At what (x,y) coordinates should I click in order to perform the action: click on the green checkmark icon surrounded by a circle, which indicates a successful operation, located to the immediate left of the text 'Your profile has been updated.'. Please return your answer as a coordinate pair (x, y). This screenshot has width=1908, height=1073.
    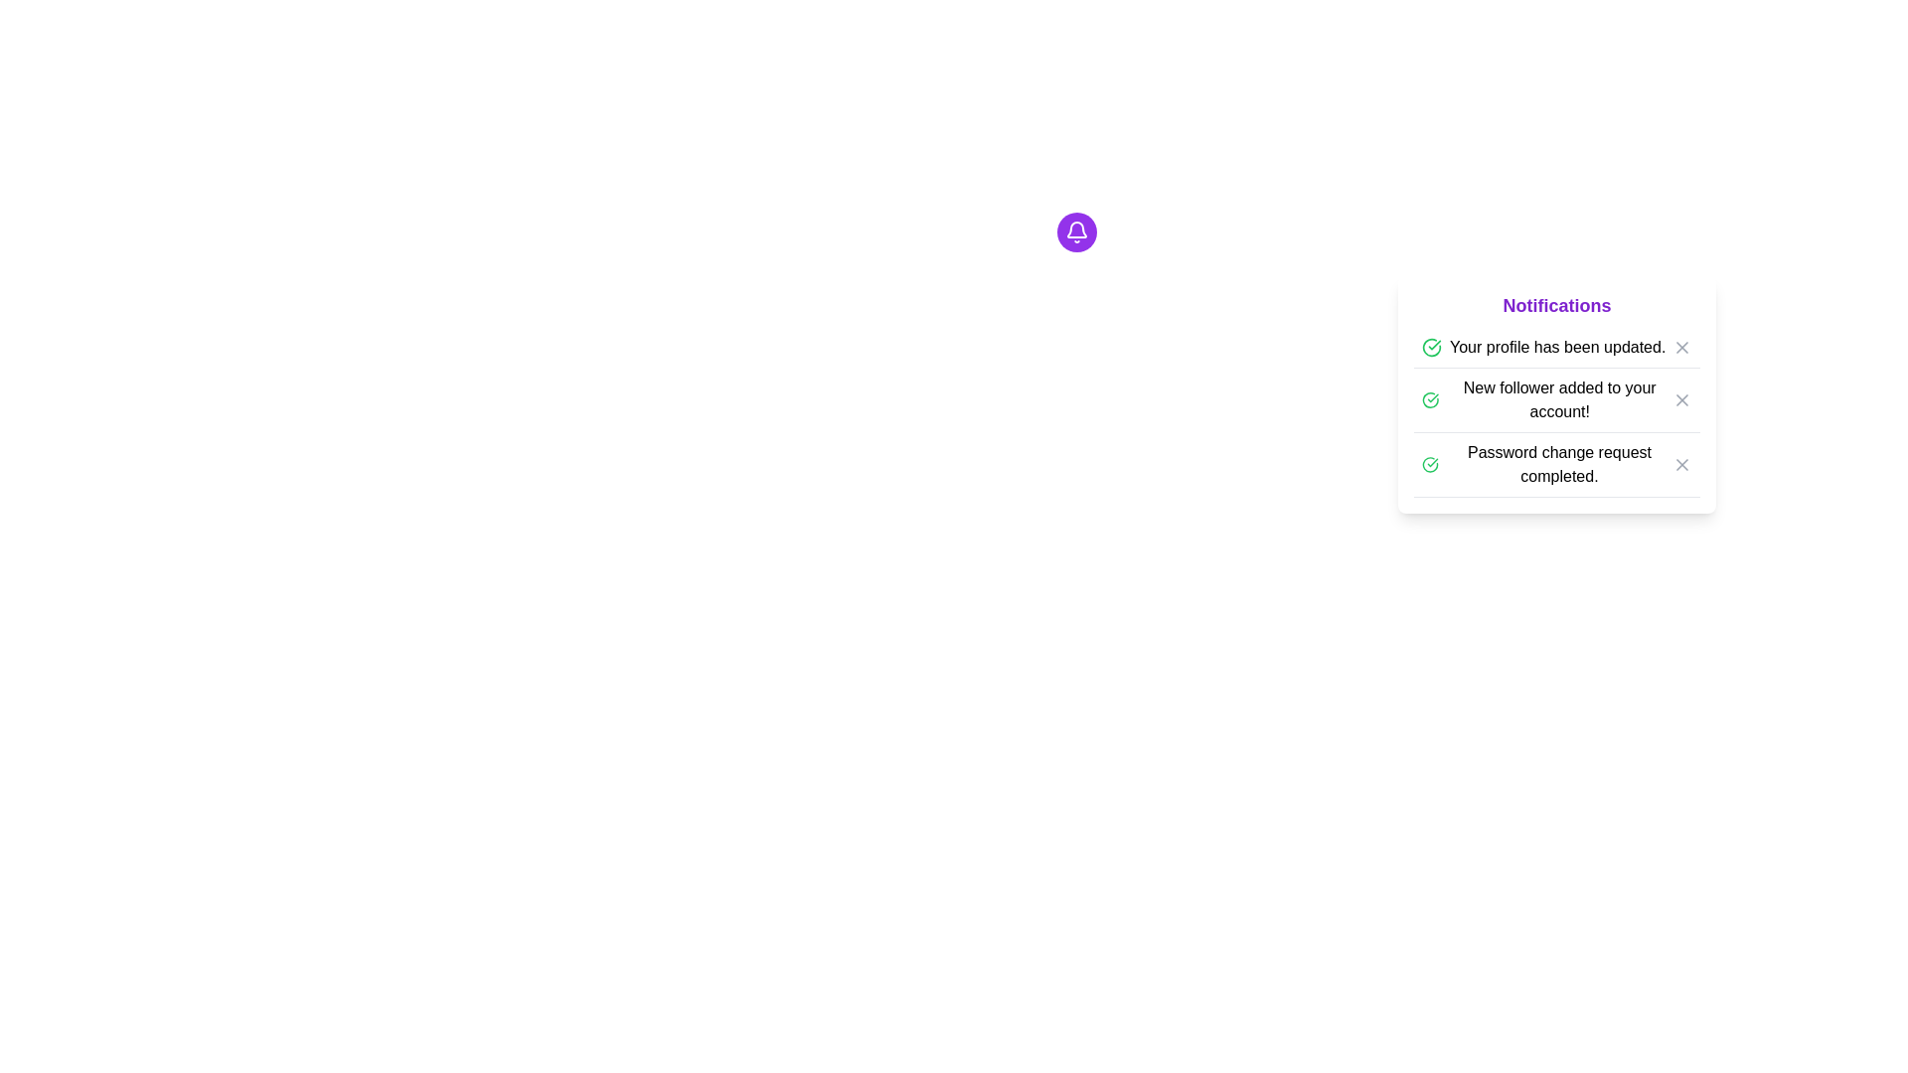
    Looking at the image, I should click on (1431, 347).